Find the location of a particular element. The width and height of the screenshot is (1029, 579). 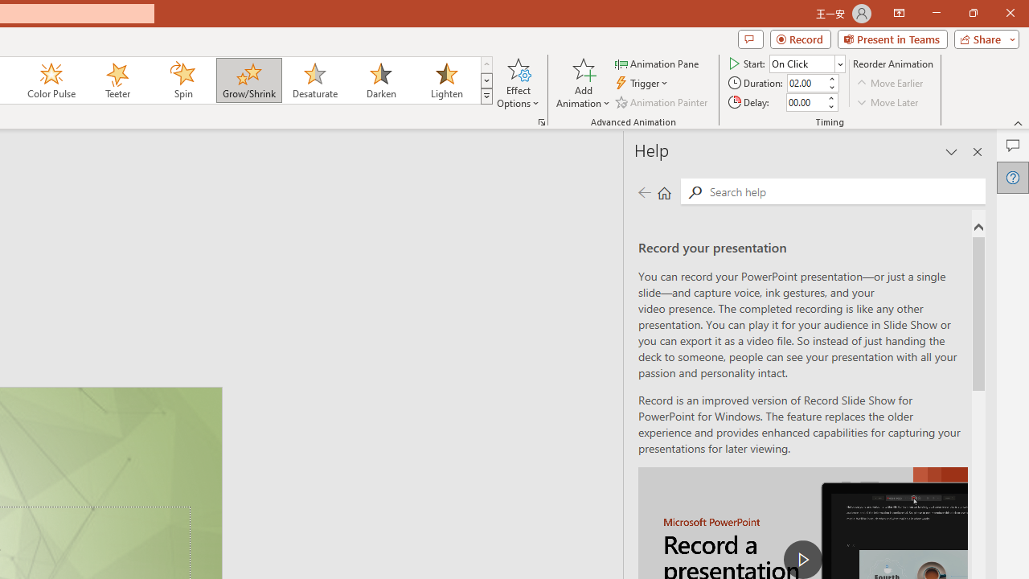

'play Record a Presentation' is located at coordinates (803, 558).